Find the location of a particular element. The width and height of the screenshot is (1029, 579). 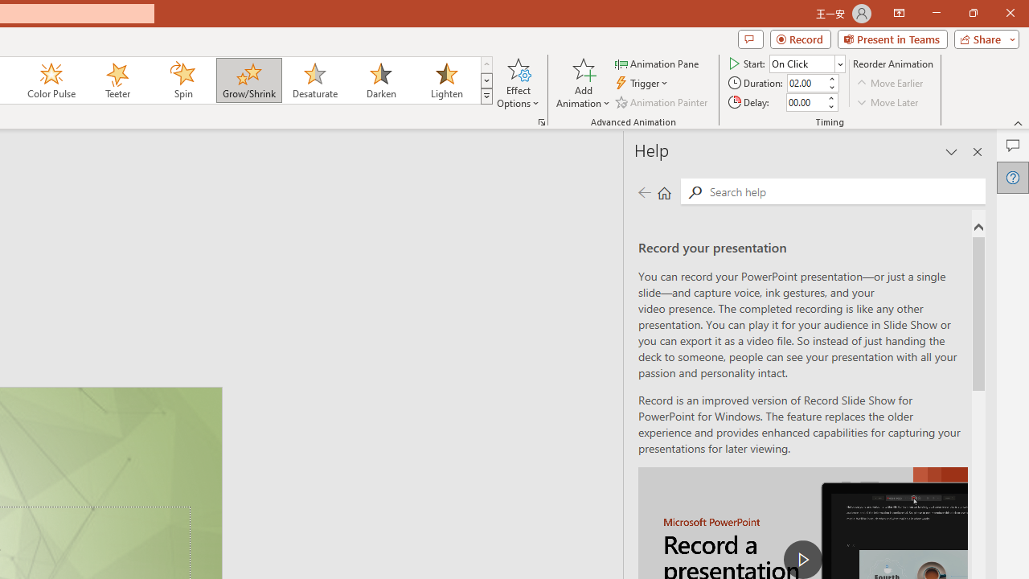

'play Record a Presentation' is located at coordinates (803, 558).